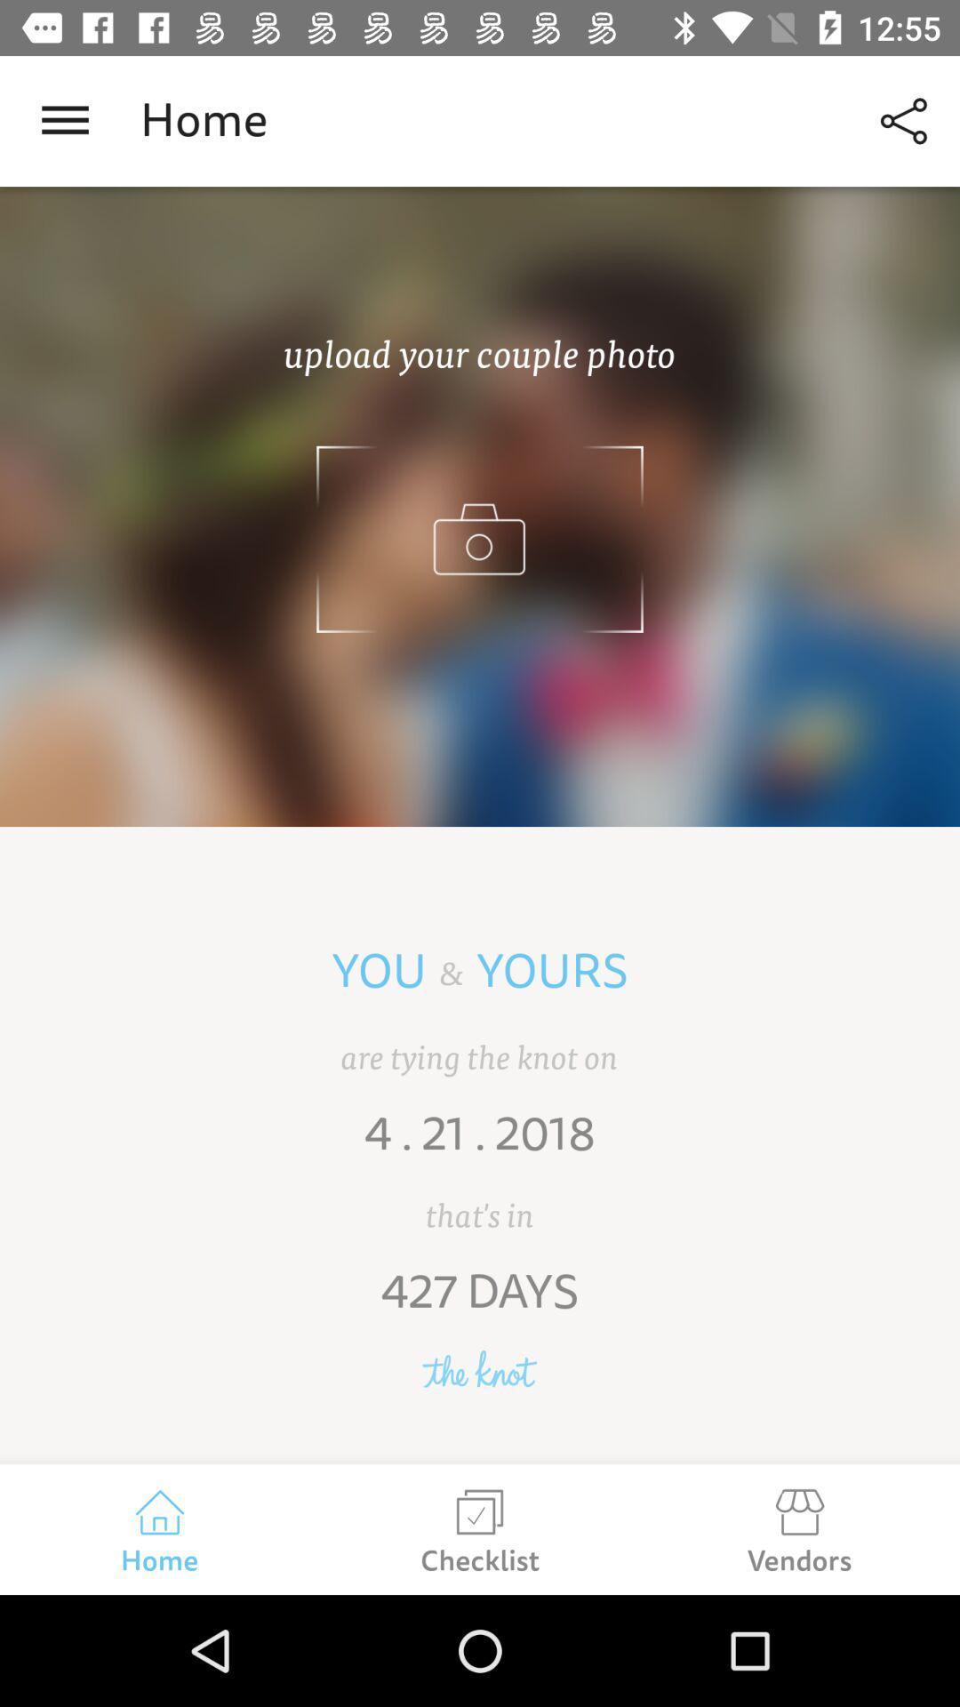 The width and height of the screenshot is (960, 1707). I want to click on upload selected photo, so click(480, 506).